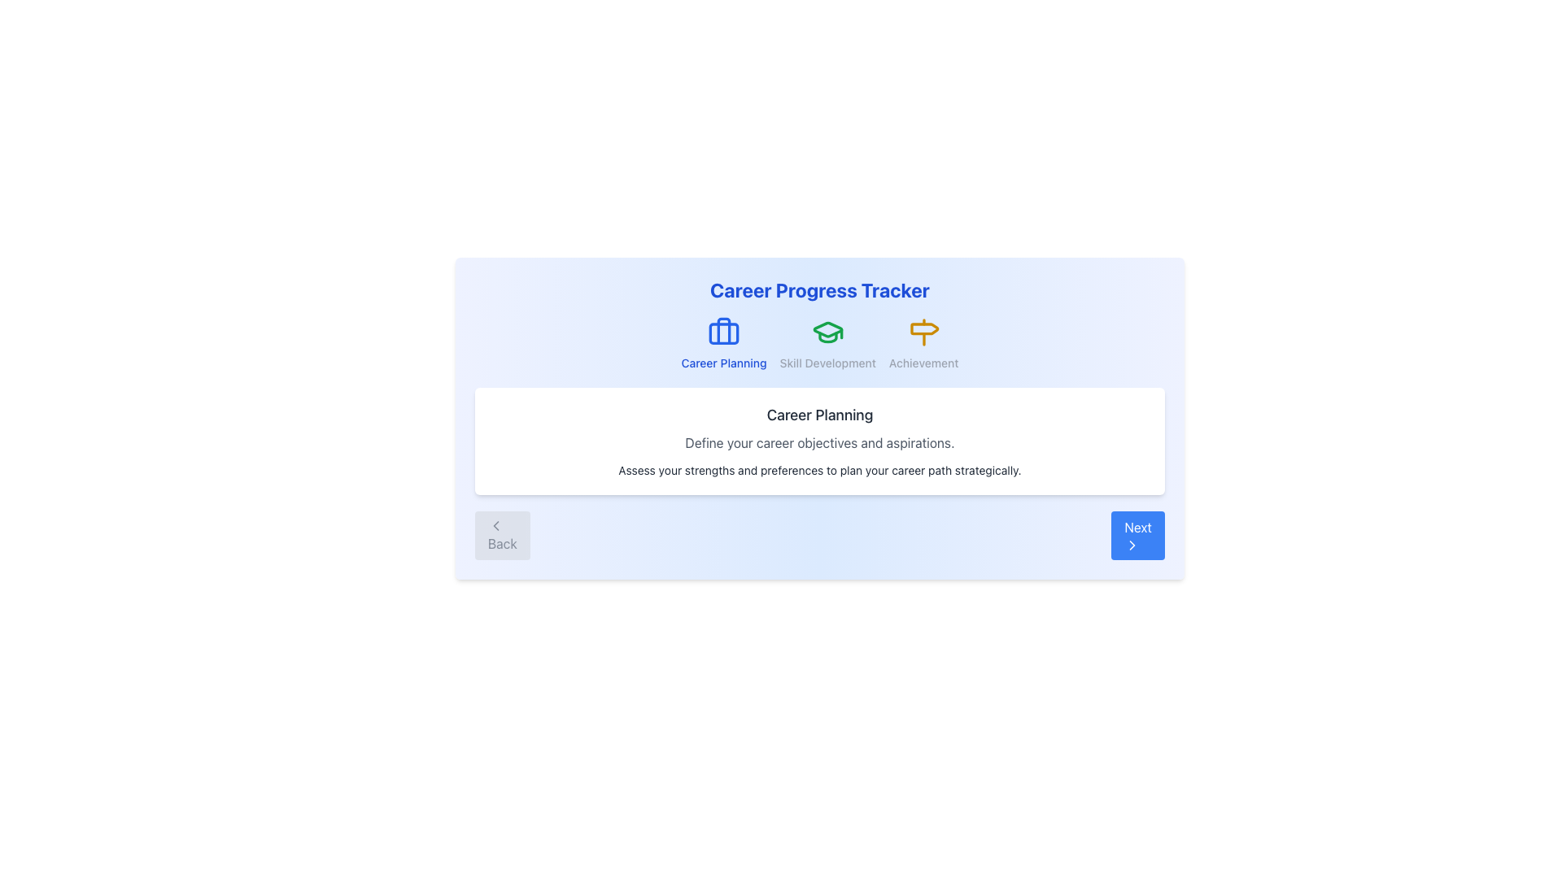 This screenshot has width=1562, height=878. What do you see at coordinates (722, 331) in the screenshot?
I see `the blue briefcase icon representing the 'Career Planning' section, located above its corresponding label` at bounding box center [722, 331].